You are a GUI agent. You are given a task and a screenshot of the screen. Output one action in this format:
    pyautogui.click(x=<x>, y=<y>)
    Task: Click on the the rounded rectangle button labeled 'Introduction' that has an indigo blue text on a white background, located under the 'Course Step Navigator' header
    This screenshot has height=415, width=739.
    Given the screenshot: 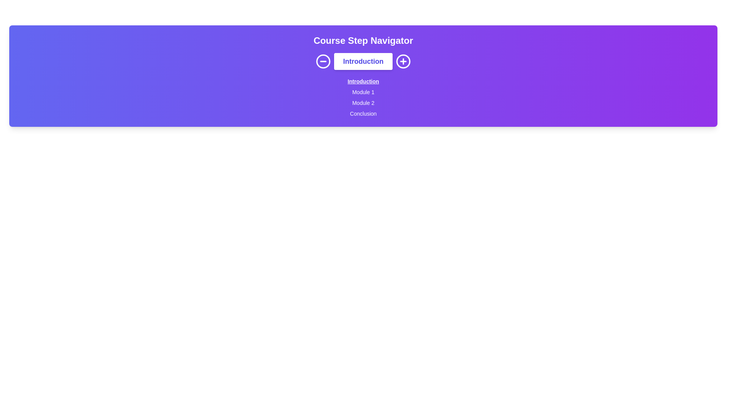 What is the action you would take?
    pyautogui.click(x=363, y=61)
    